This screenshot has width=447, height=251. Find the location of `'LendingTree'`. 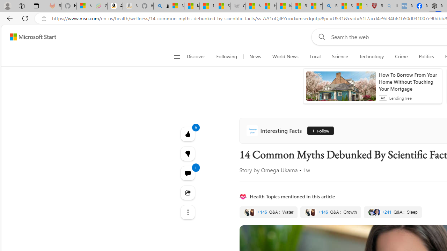

'LendingTree' is located at coordinates (400, 98).